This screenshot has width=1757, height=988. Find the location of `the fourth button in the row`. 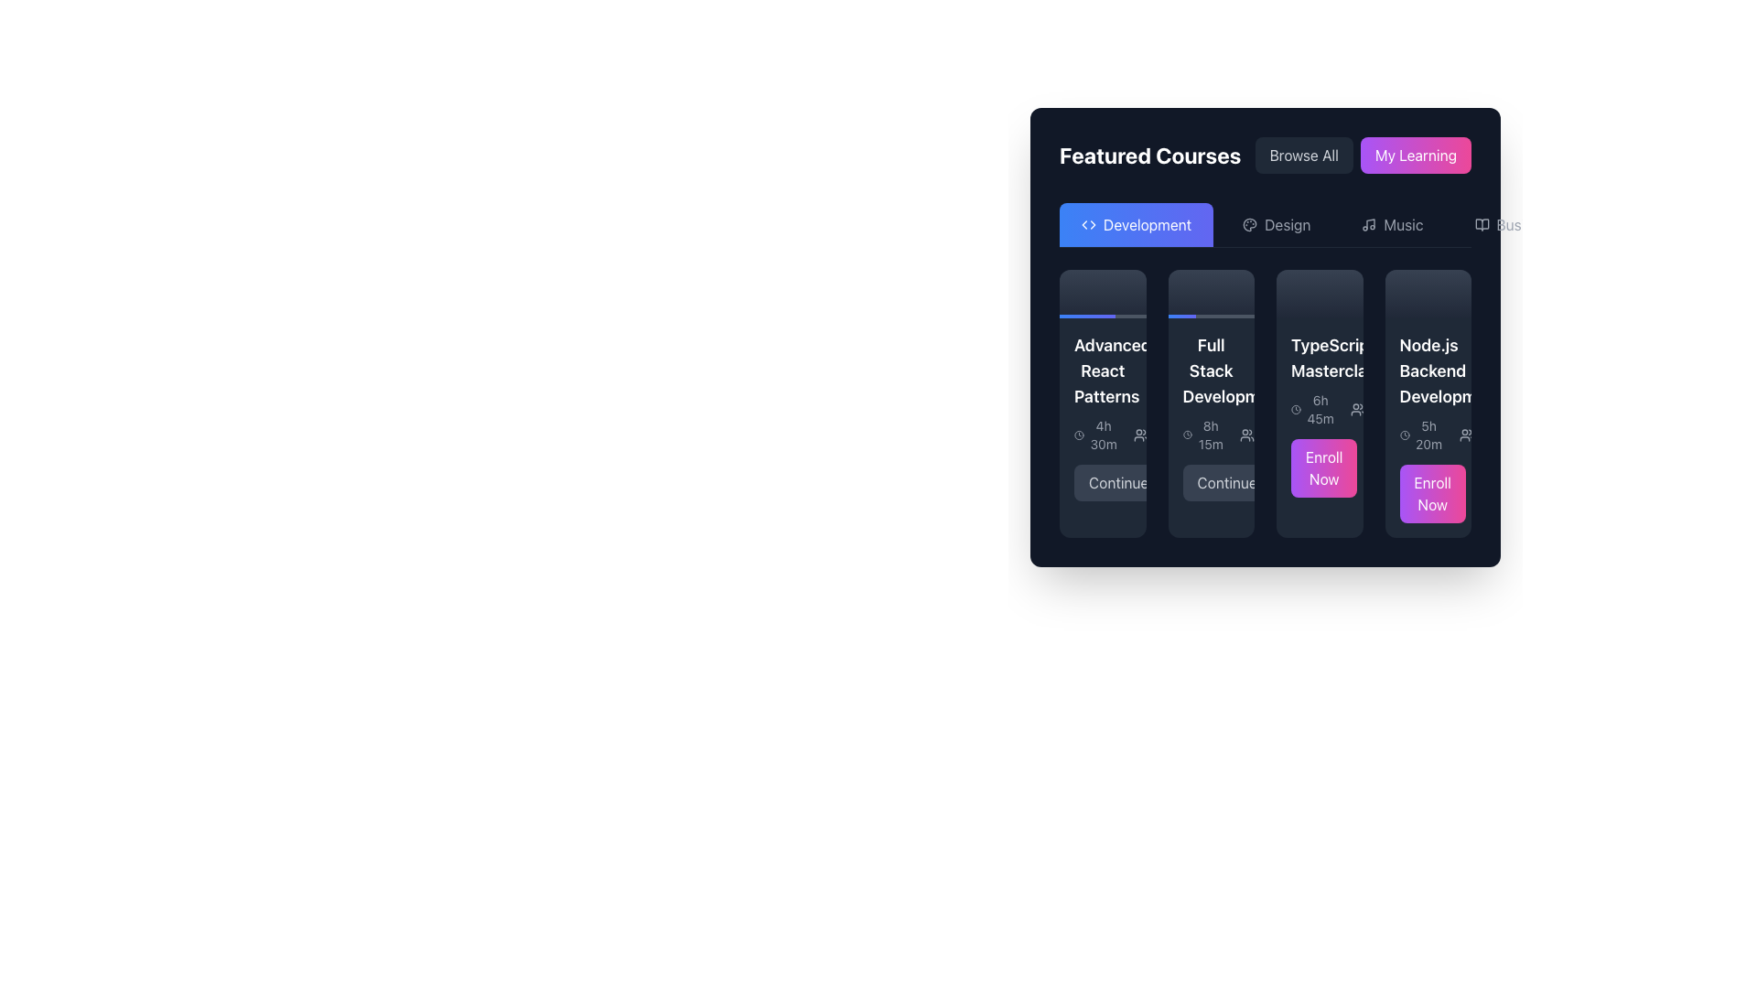

the fourth button in the row is located at coordinates (1514, 224).